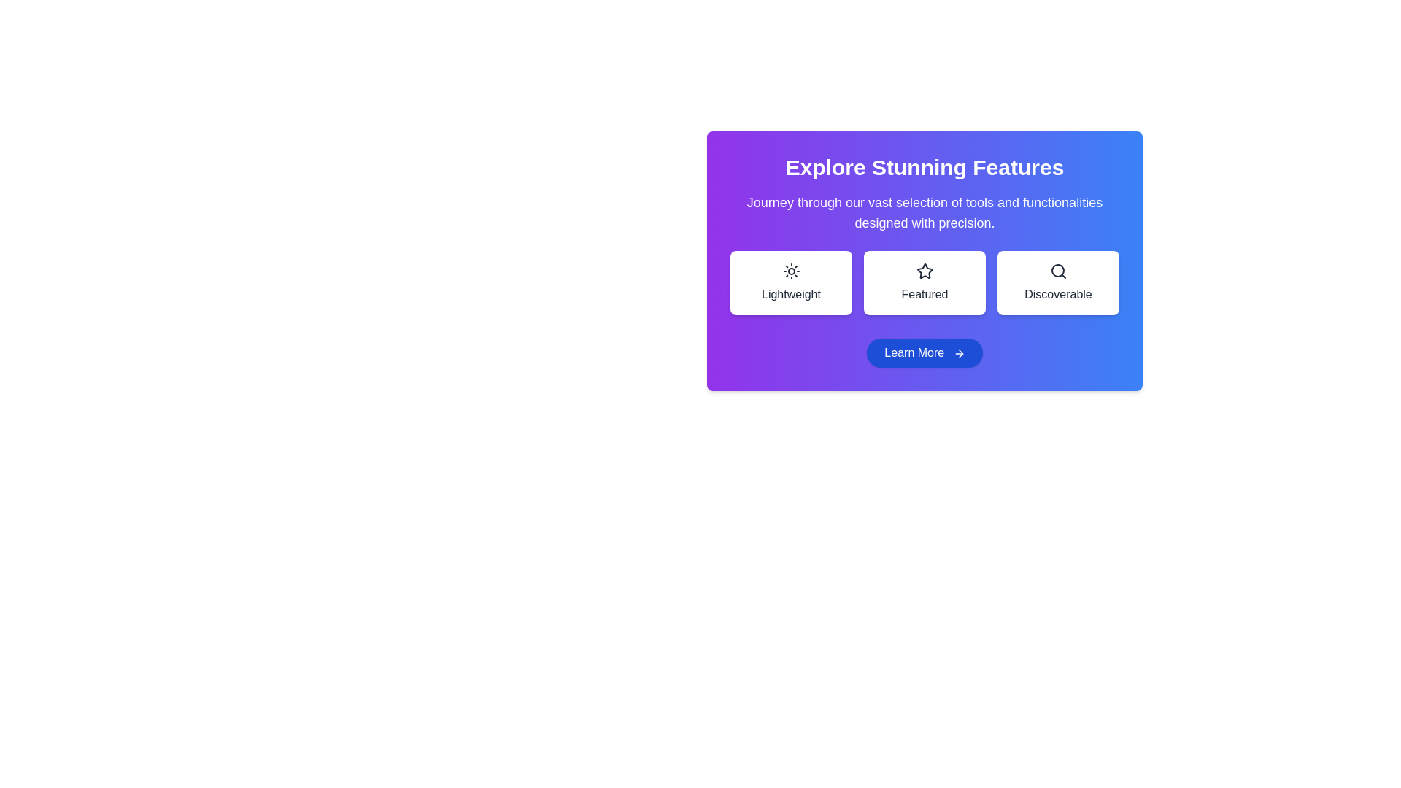 The width and height of the screenshot is (1401, 788). Describe the element at coordinates (924, 271) in the screenshot. I see `the 'Featured' icon element located above the text label 'Featured' in the middle position among three horizontally arranged cards` at that location.